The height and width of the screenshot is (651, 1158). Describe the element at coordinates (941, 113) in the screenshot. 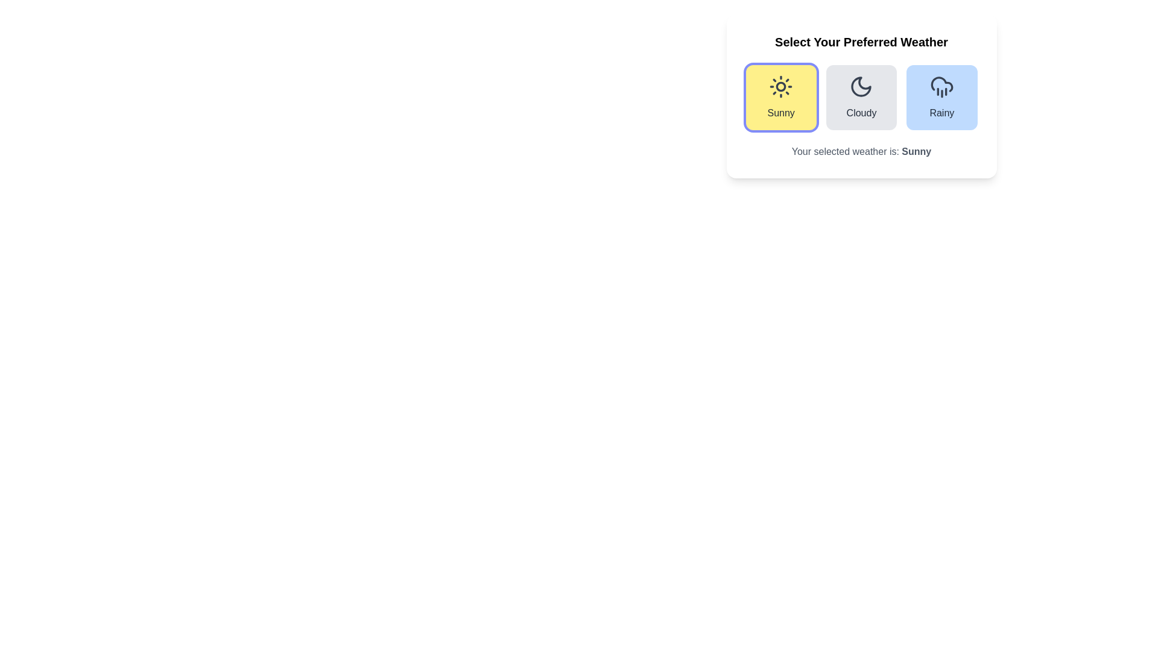

I see `the text label displaying 'Rainy', which is styled with medium font weight in gray, located below a cloud and rain icon within a blue background area` at that location.